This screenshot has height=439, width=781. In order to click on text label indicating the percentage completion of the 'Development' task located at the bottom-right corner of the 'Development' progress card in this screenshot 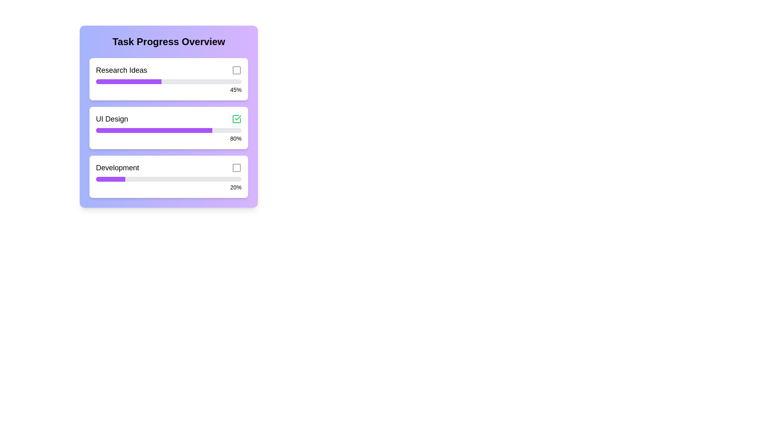, I will do `click(168, 187)`.